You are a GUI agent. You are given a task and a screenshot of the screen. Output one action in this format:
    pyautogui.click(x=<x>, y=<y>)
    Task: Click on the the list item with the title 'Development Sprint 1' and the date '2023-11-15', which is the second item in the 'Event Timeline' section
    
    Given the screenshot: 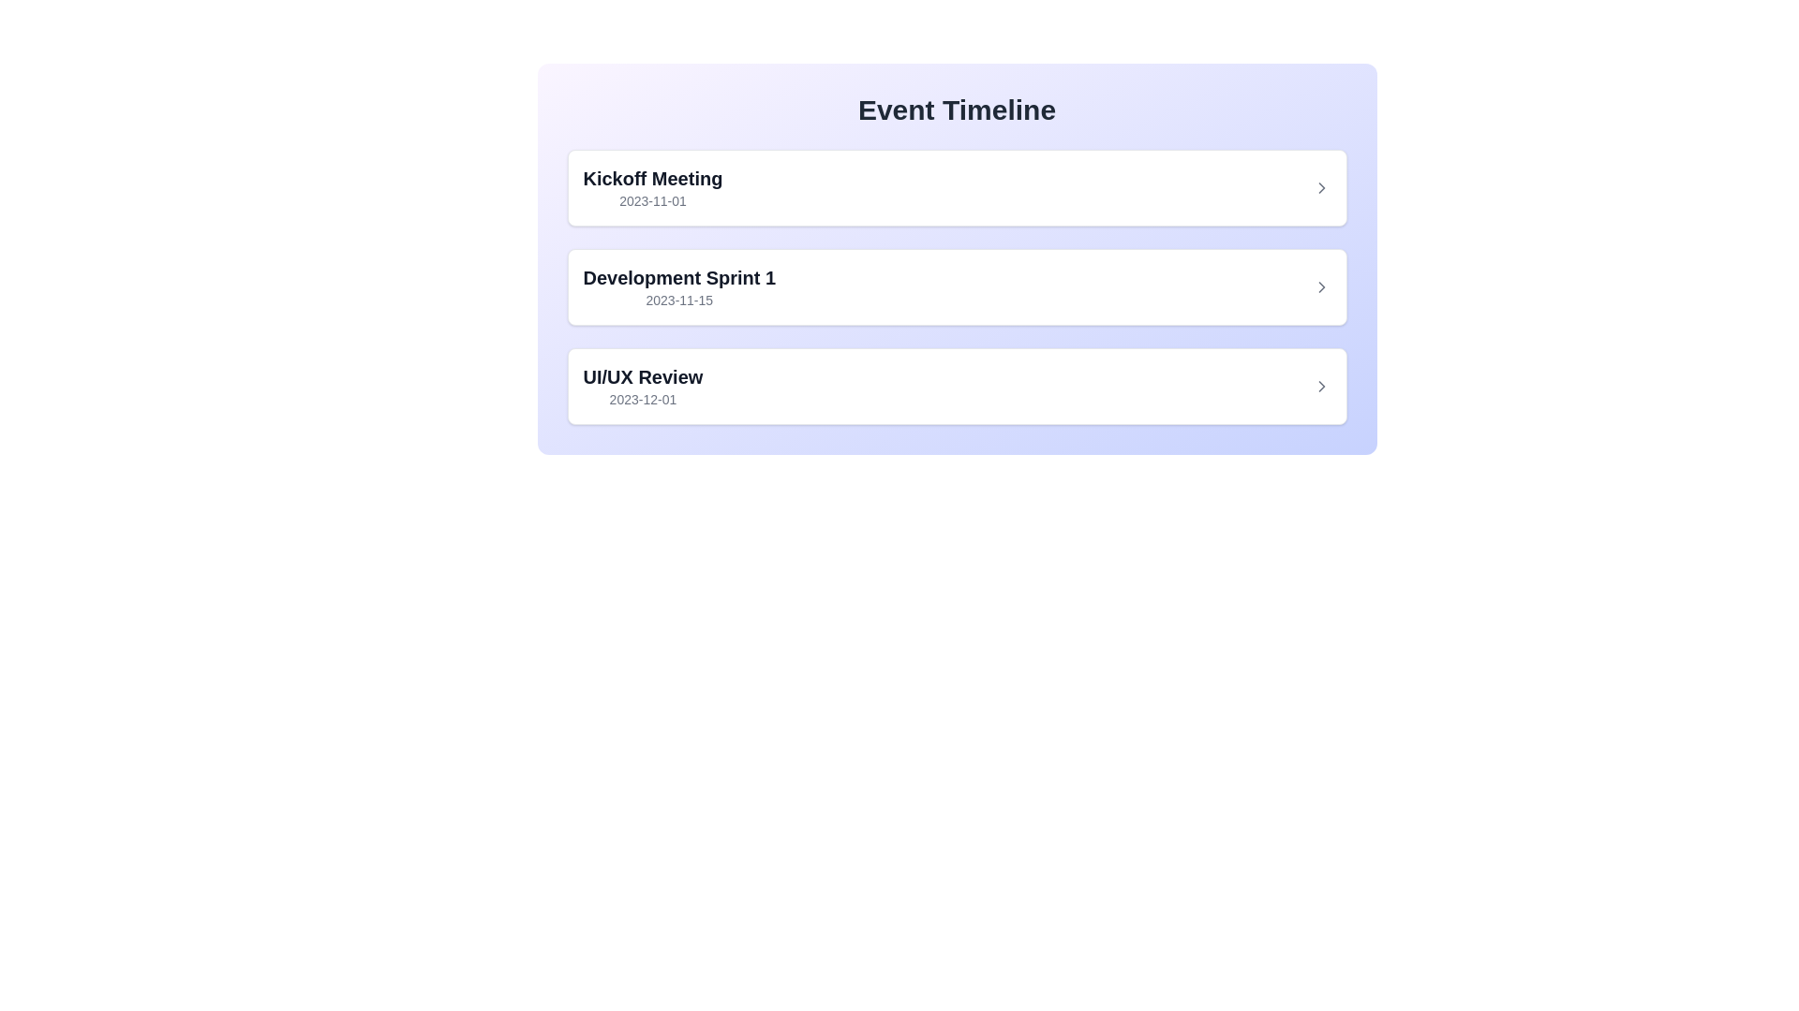 What is the action you would take?
    pyautogui.click(x=957, y=287)
    